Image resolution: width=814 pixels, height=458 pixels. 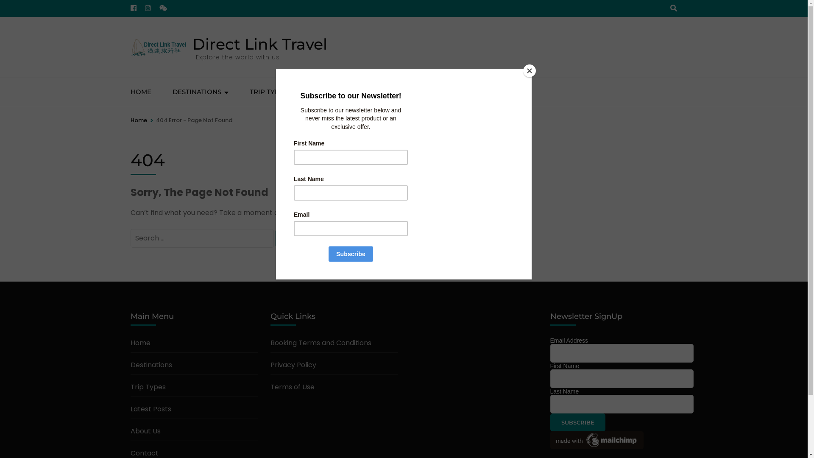 What do you see at coordinates (293, 364) in the screenshot?
I see `'Privacy Policy'` at bounding box center [293, 364].